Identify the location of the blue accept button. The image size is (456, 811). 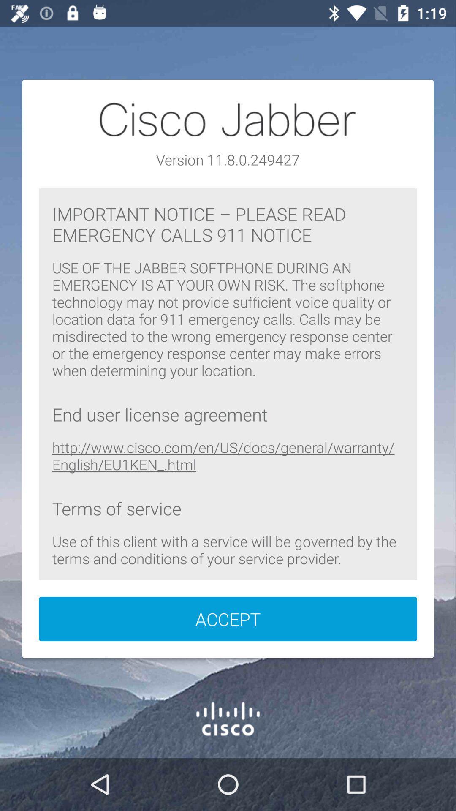
(228, 619).